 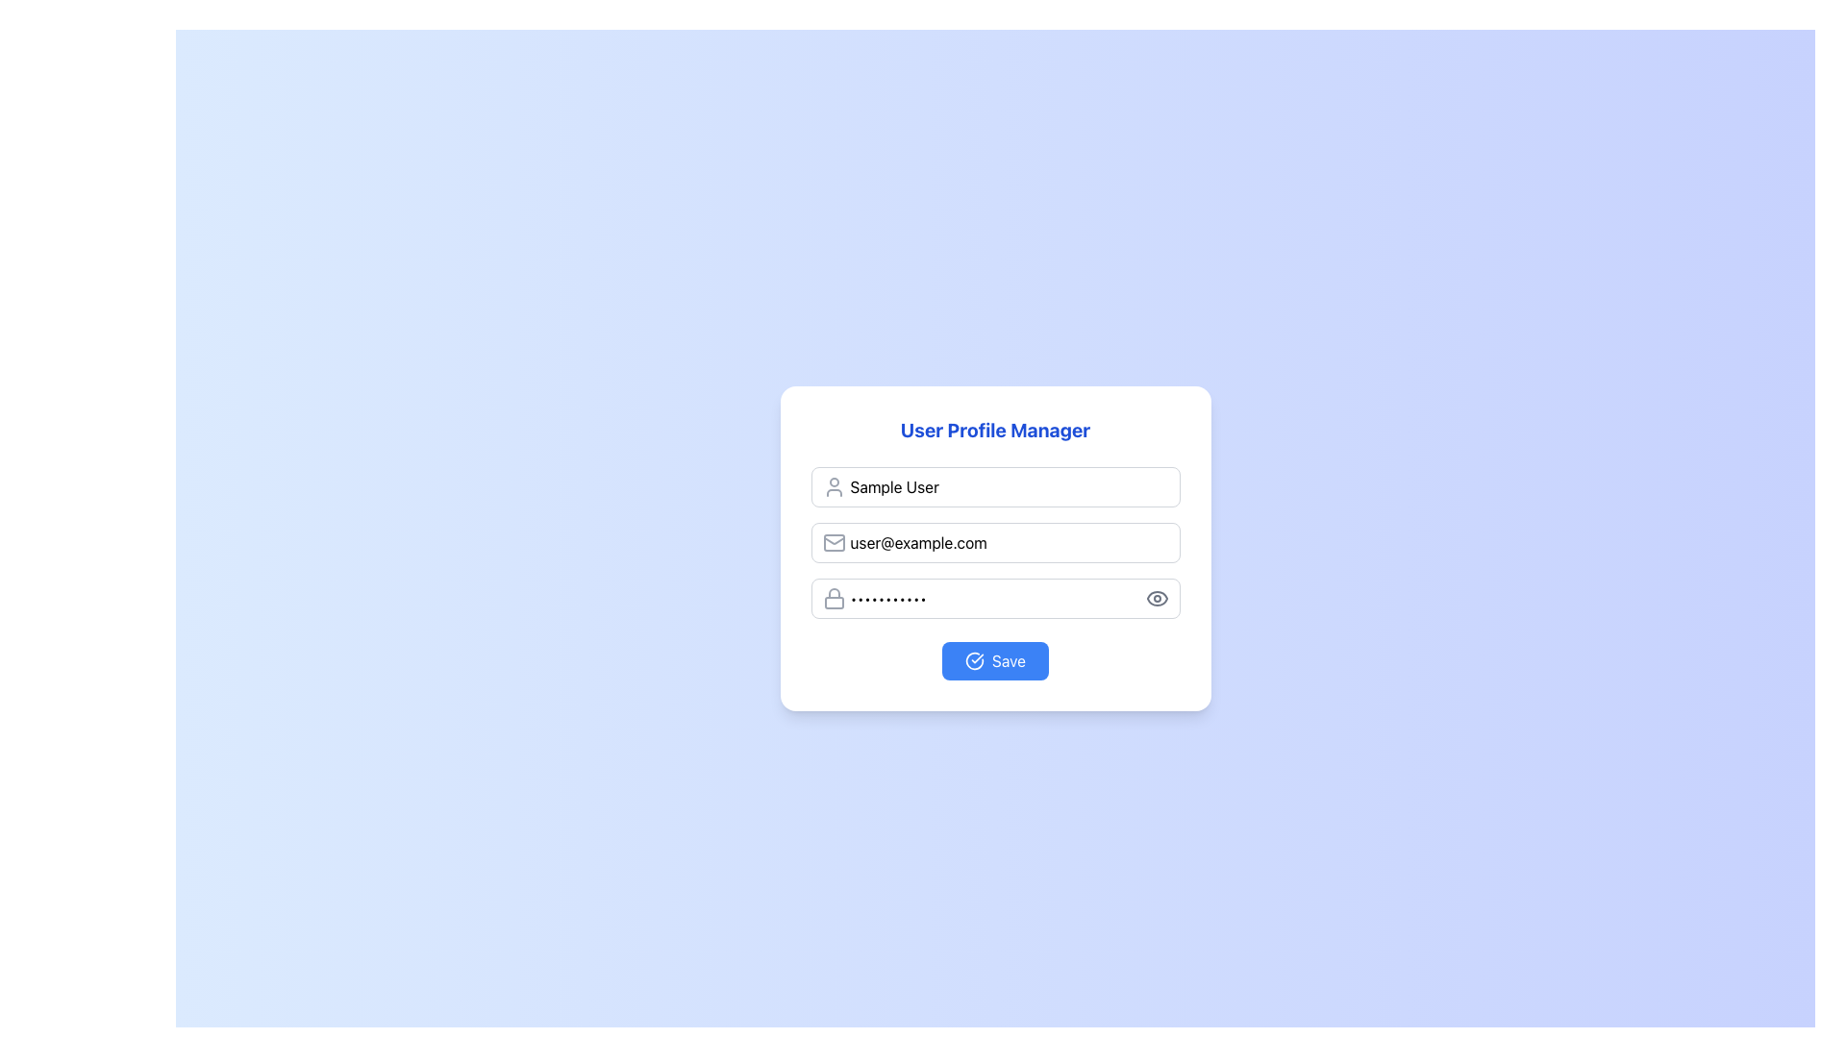 What do you see at coordinates (974, 659) in the screenshot?
I see `the left component of the checkmark icon within the 'Save' button, which indicates confirmation or success` at bounding box center [974, 659].